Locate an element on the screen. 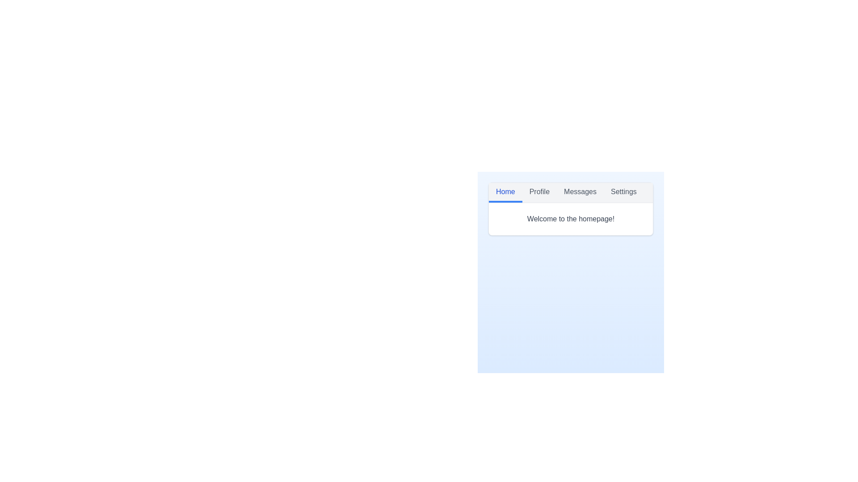 This screenshot has width=858, height=482. the fourth navigation menu item in the top-right section of the page is located at coordinates (623, 192).